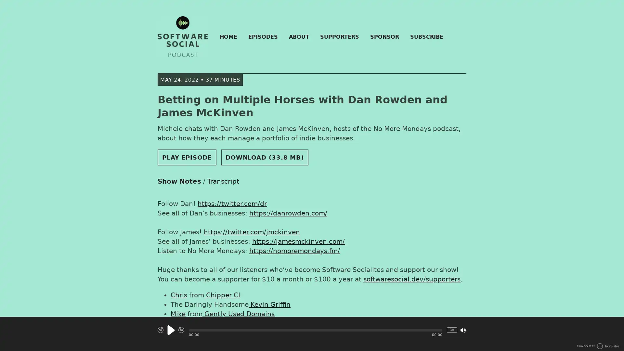 The height and width of the screenshot is (351, 624). Describe the element at coordinates (265, 157) in the screenshot. I see `Download Episode` at that location.